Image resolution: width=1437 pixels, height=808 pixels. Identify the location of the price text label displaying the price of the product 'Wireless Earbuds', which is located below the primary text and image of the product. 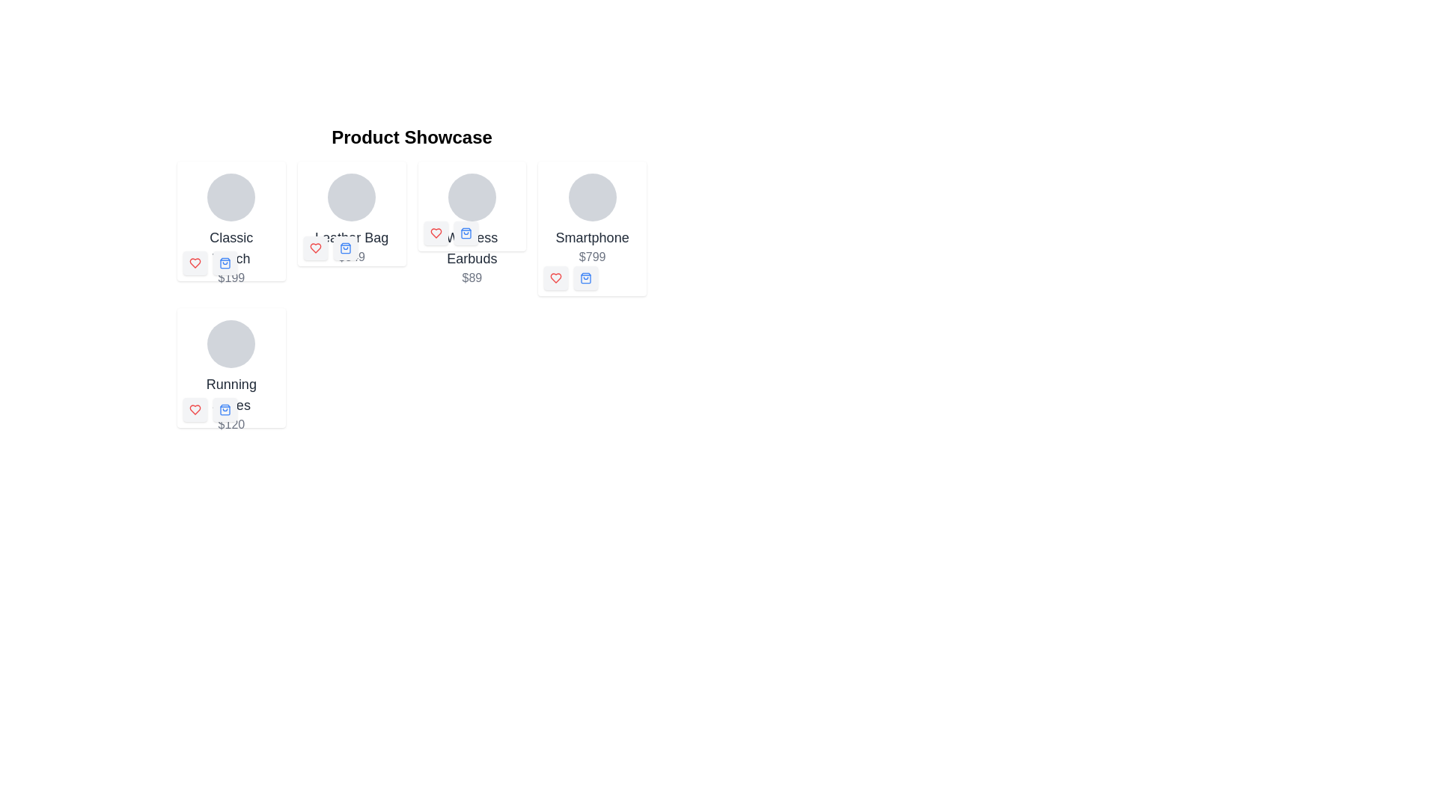
(471, 278).